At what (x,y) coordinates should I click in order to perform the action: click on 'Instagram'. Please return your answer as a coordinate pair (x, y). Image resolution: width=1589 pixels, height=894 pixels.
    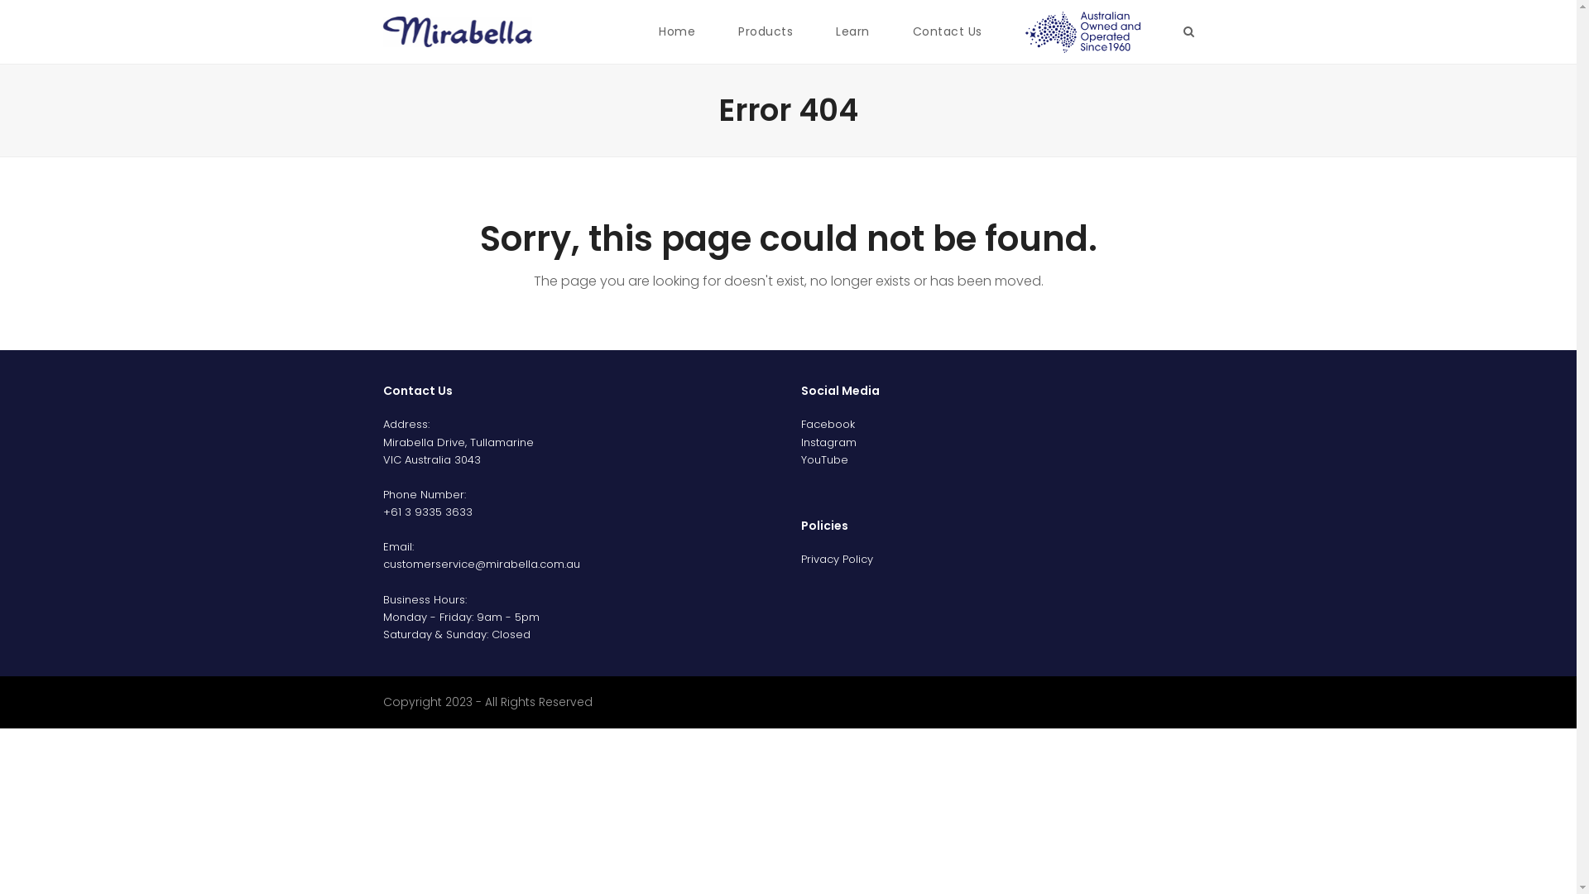
    Looking at the image, I should click on (828, 441).